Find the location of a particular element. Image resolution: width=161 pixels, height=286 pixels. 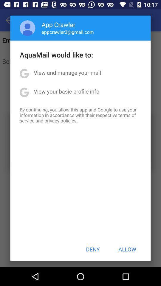

icon above aquamail would like item is located at coordinates (27, 28).